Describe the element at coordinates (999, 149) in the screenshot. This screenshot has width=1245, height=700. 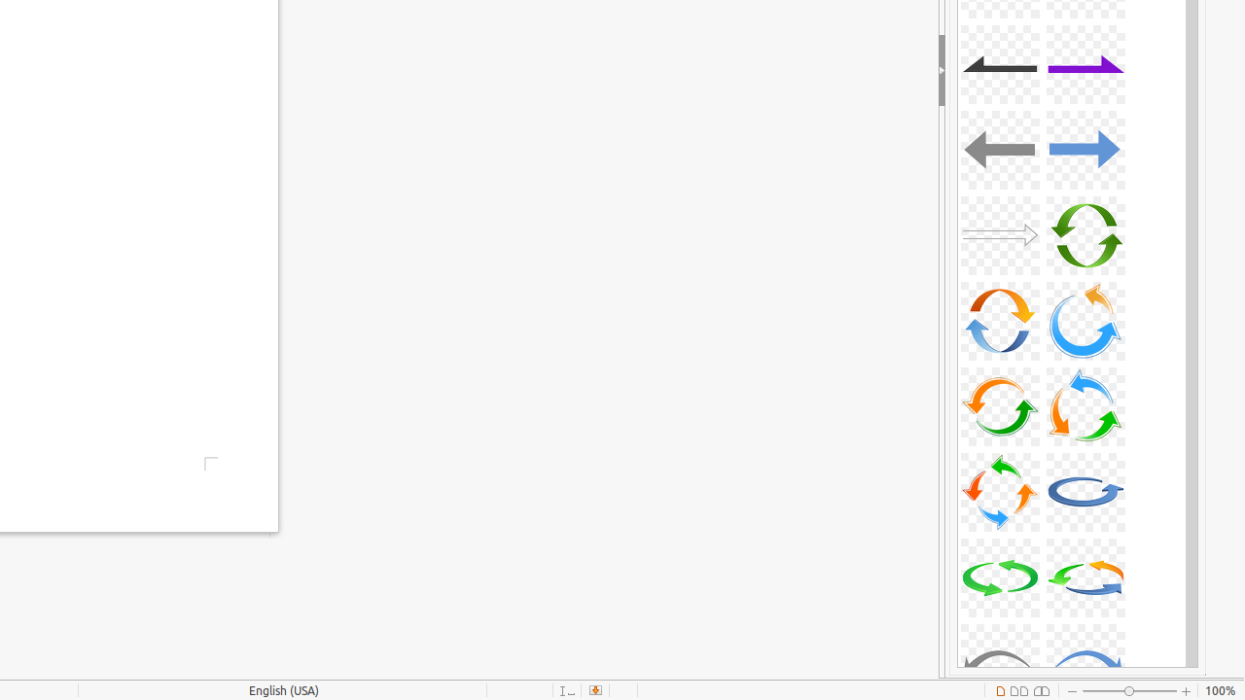
I see `'A11-Arrow-Gray-Left'` at that location.